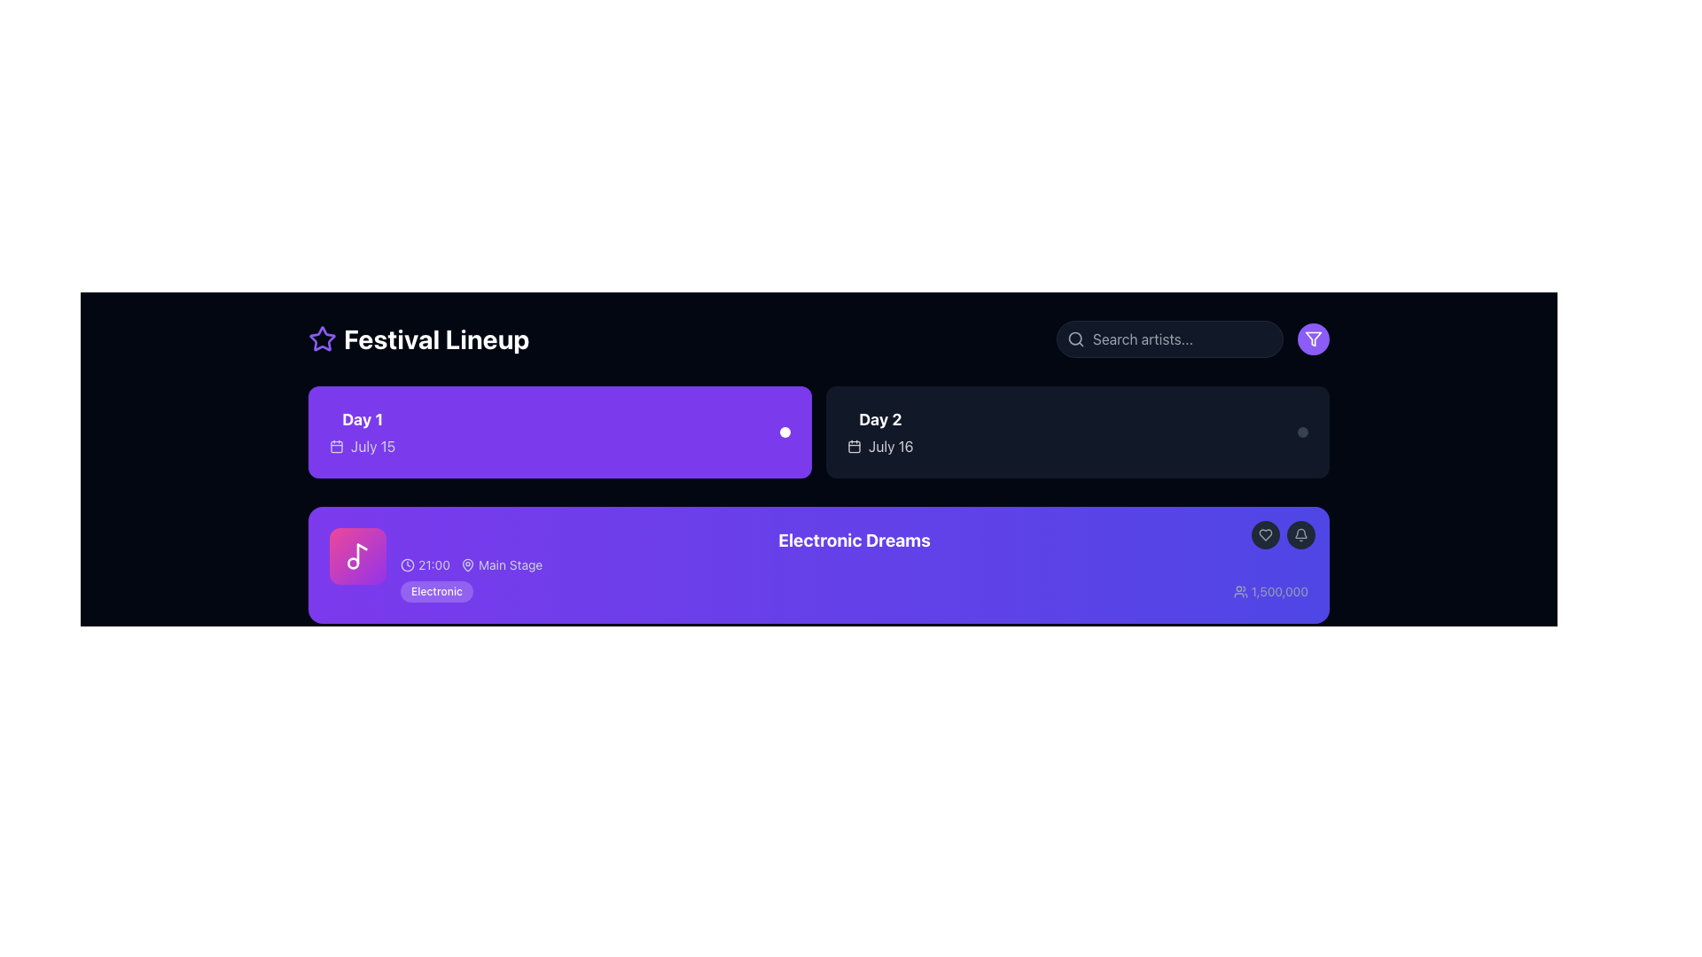 The height and width of the screenshot is (957, 1702). Describe the element at coordinates (1239, 591) in the screenshot. I see `the group of people icon located to the left of the numeric text '1,500,000'` at that location.